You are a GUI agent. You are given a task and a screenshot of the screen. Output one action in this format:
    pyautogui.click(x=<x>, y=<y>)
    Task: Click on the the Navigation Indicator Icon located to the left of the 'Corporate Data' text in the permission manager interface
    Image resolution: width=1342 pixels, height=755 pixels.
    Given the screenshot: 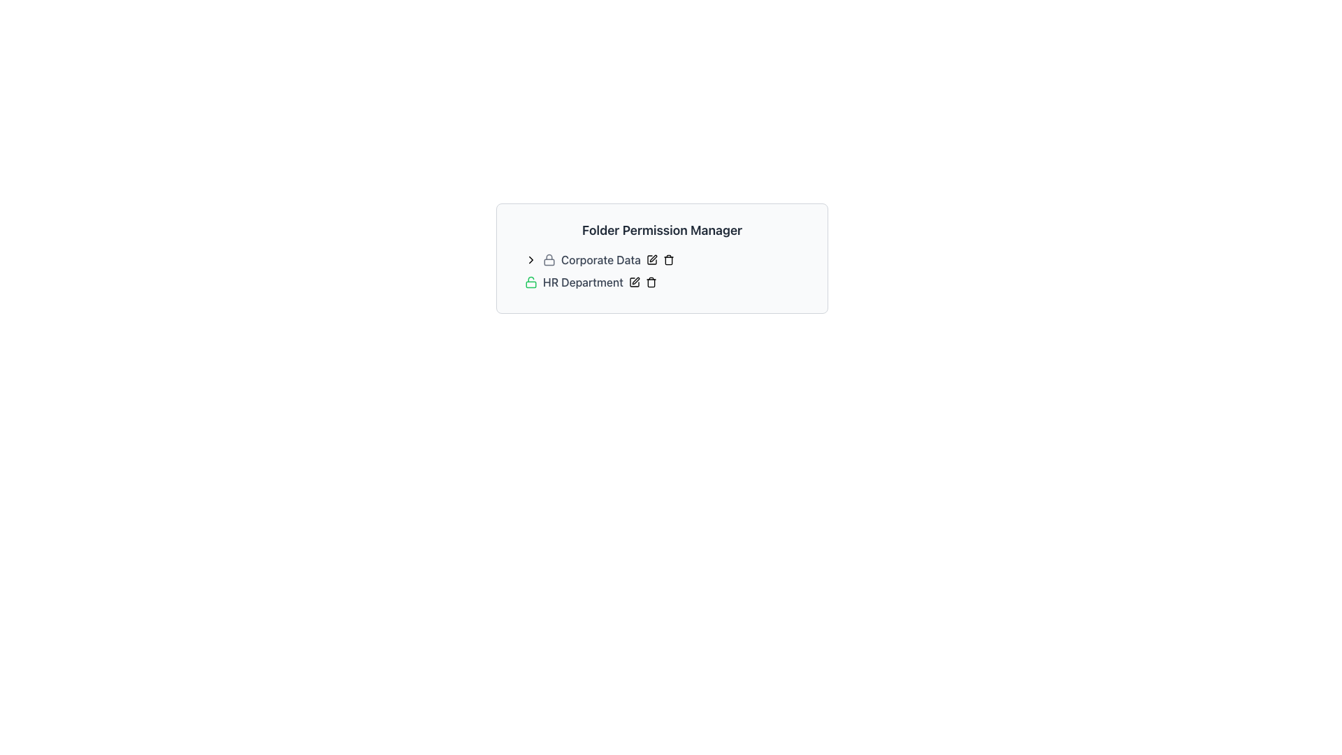 What is the action you would take?
    pyautogui.click(x=530, y=259)
    